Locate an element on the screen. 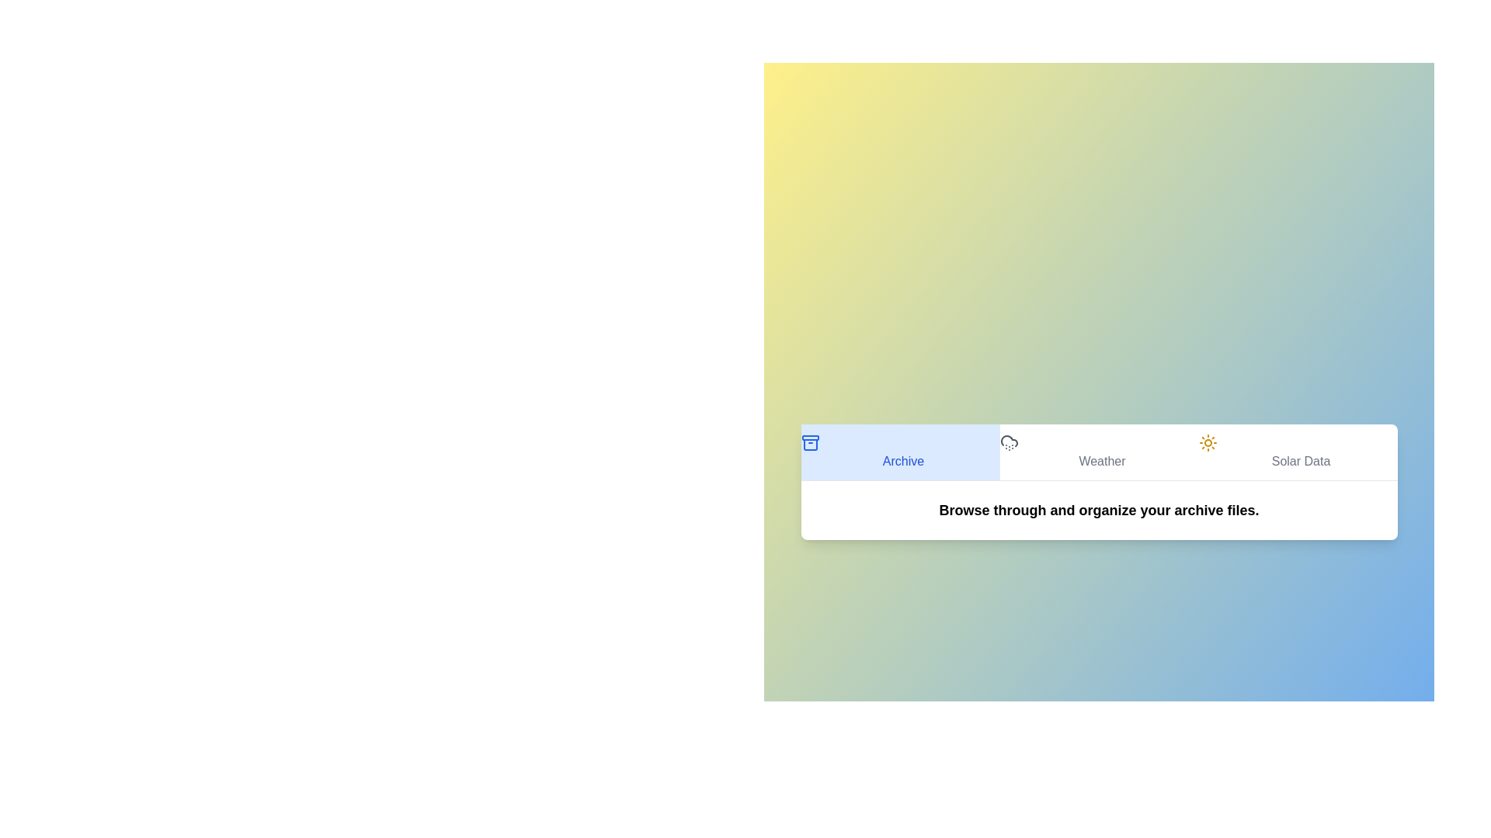 The height and width of the screenshot is (838, 1491). the Weather tab is located at coordinates (1098, 452).